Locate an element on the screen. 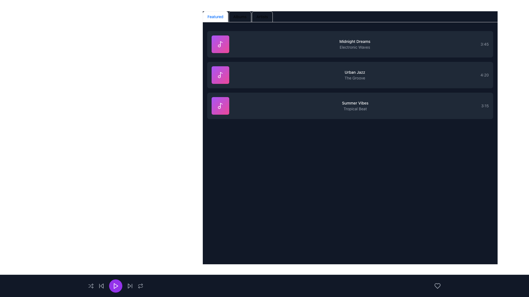 The height and width of the screenshot is (297, 529). the skip-back button containing the left-pointing triangular icon, which is part of the playback controls at the bottom of the application interface is located at coordinates (102, 286).